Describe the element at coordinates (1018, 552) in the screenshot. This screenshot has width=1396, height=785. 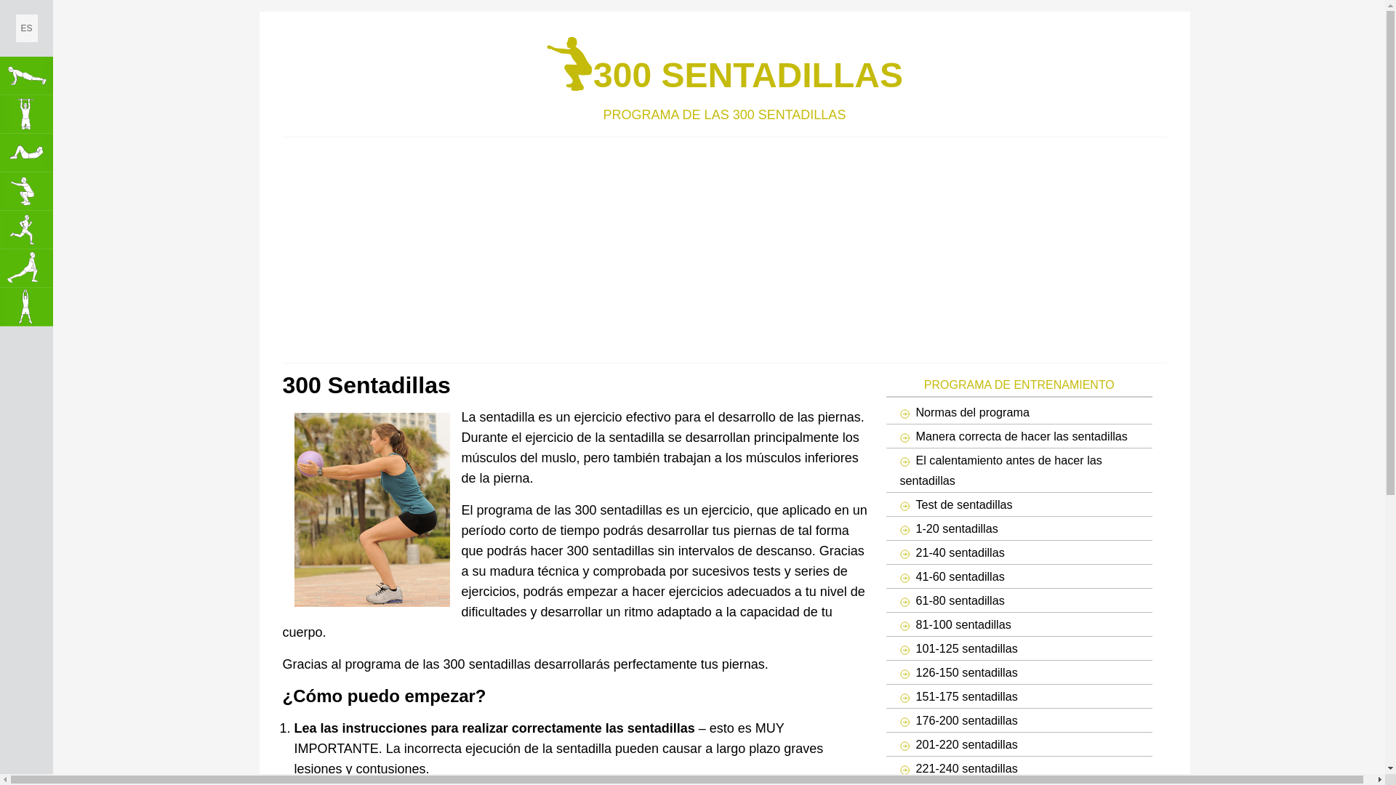
I see `'21-40 sentadillas'` at that location.